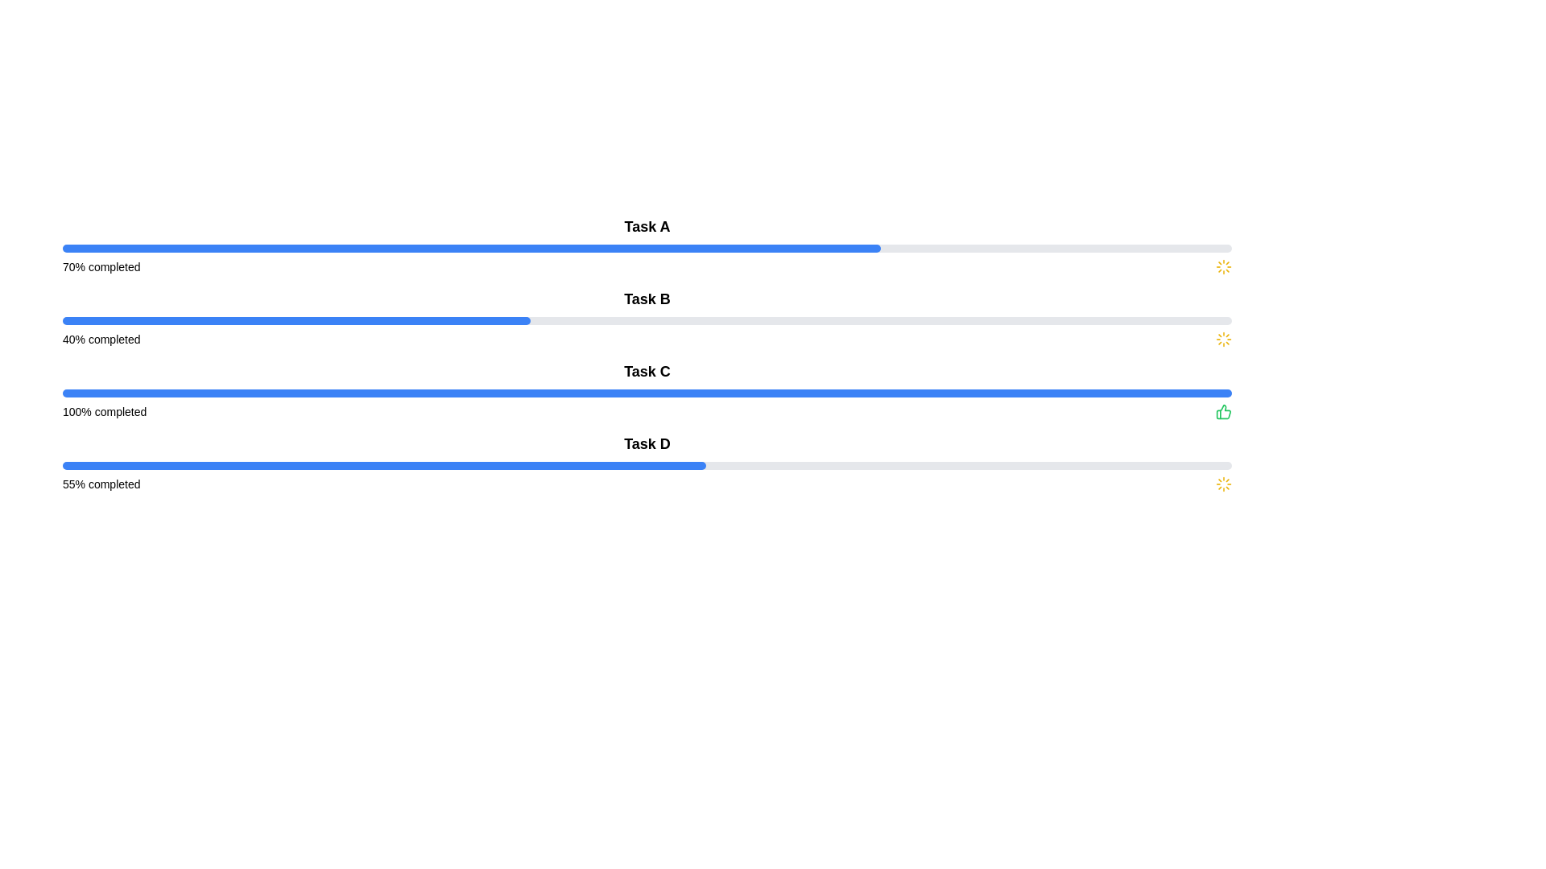 The height and width of the screenshot is (869, 1546). Describe the element at coordinates (647, 299) in the screenshot. I see `the Static Text Label that displays 'Task B', which is prominently styled and located above the corresponding progress bar` at that location.